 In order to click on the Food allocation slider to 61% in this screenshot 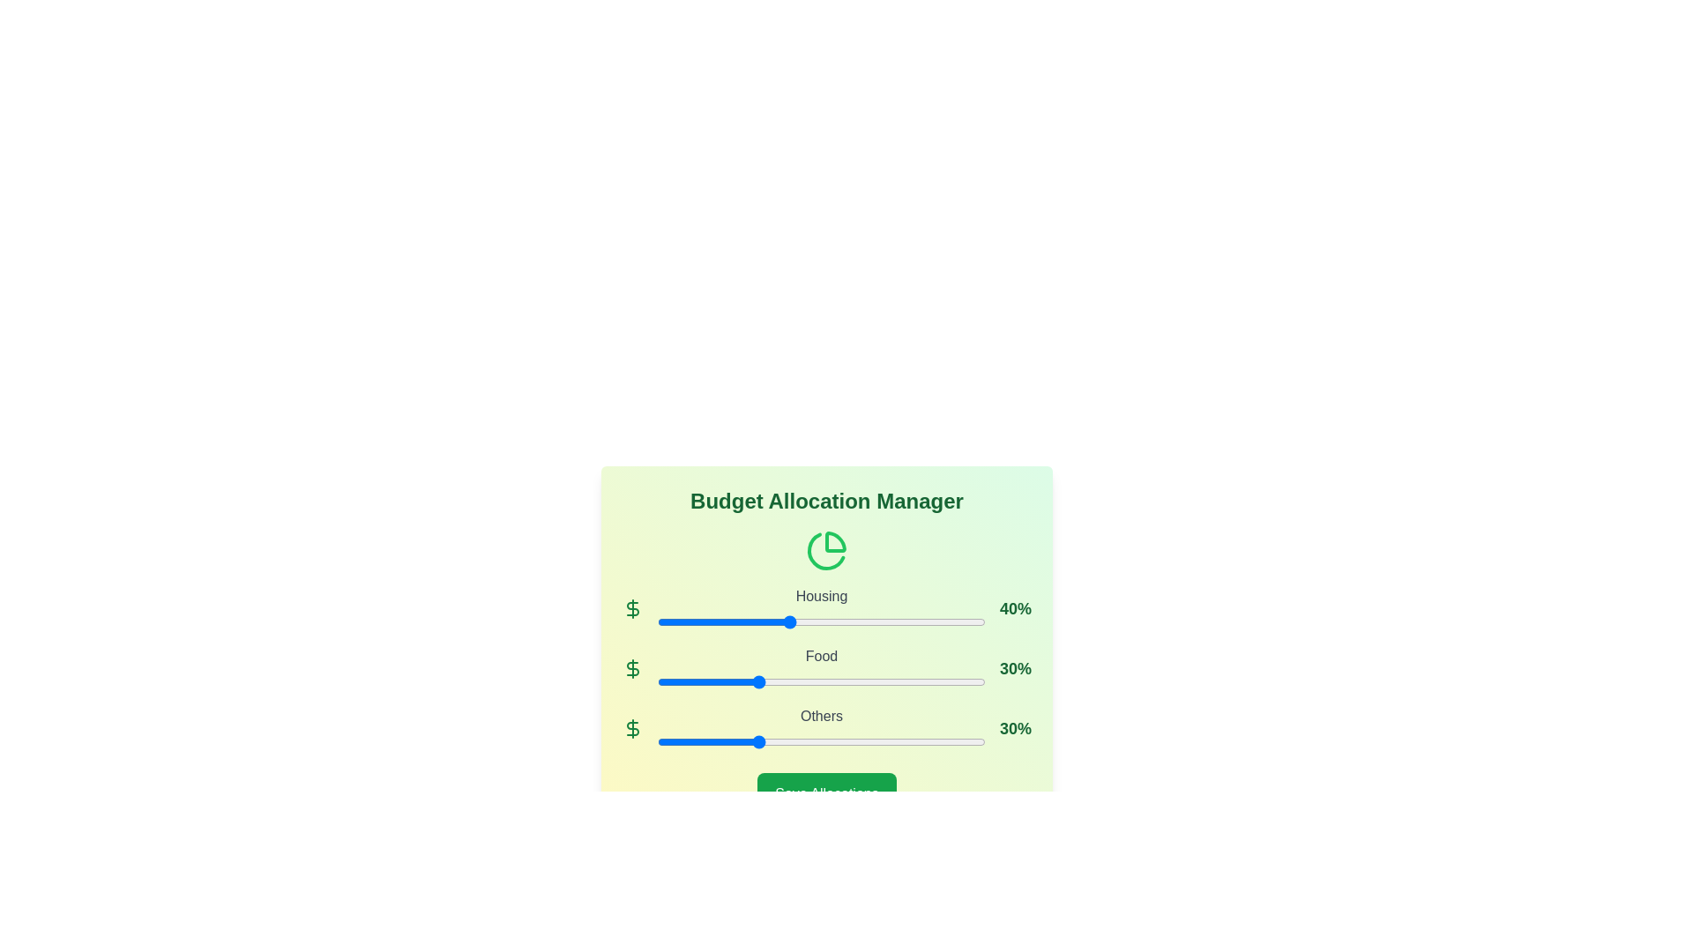, I will do `click(857, 681)`.